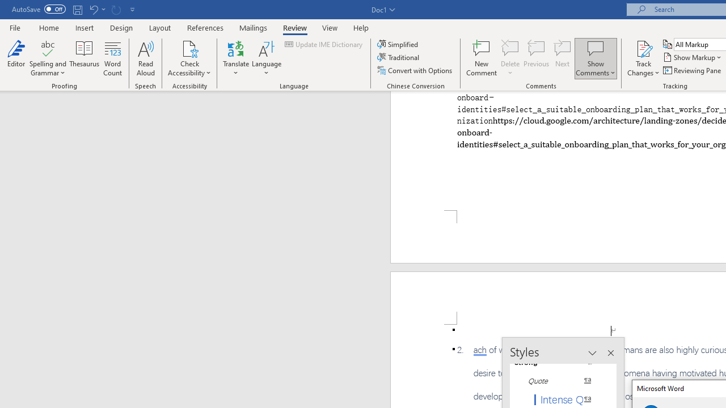 The width and height of the screenshot is (726, 408). I want to click on 'Reviewing Pane', so click(692, 70).